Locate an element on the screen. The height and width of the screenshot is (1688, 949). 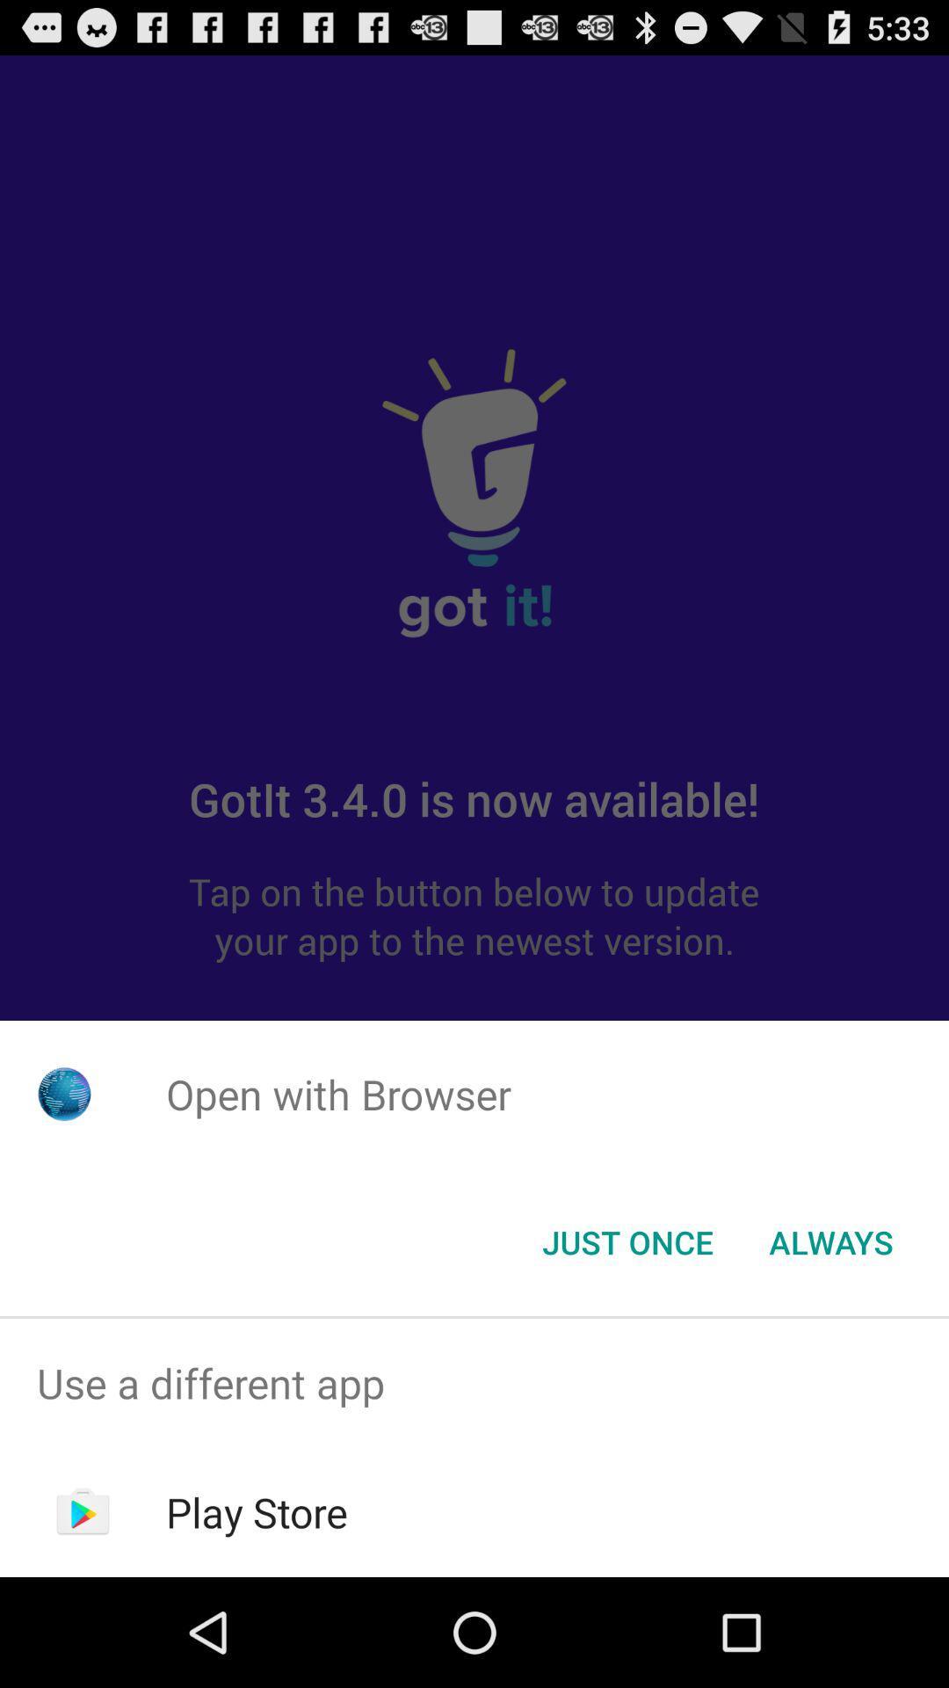
the play store is located at coordinates (257, 1511).